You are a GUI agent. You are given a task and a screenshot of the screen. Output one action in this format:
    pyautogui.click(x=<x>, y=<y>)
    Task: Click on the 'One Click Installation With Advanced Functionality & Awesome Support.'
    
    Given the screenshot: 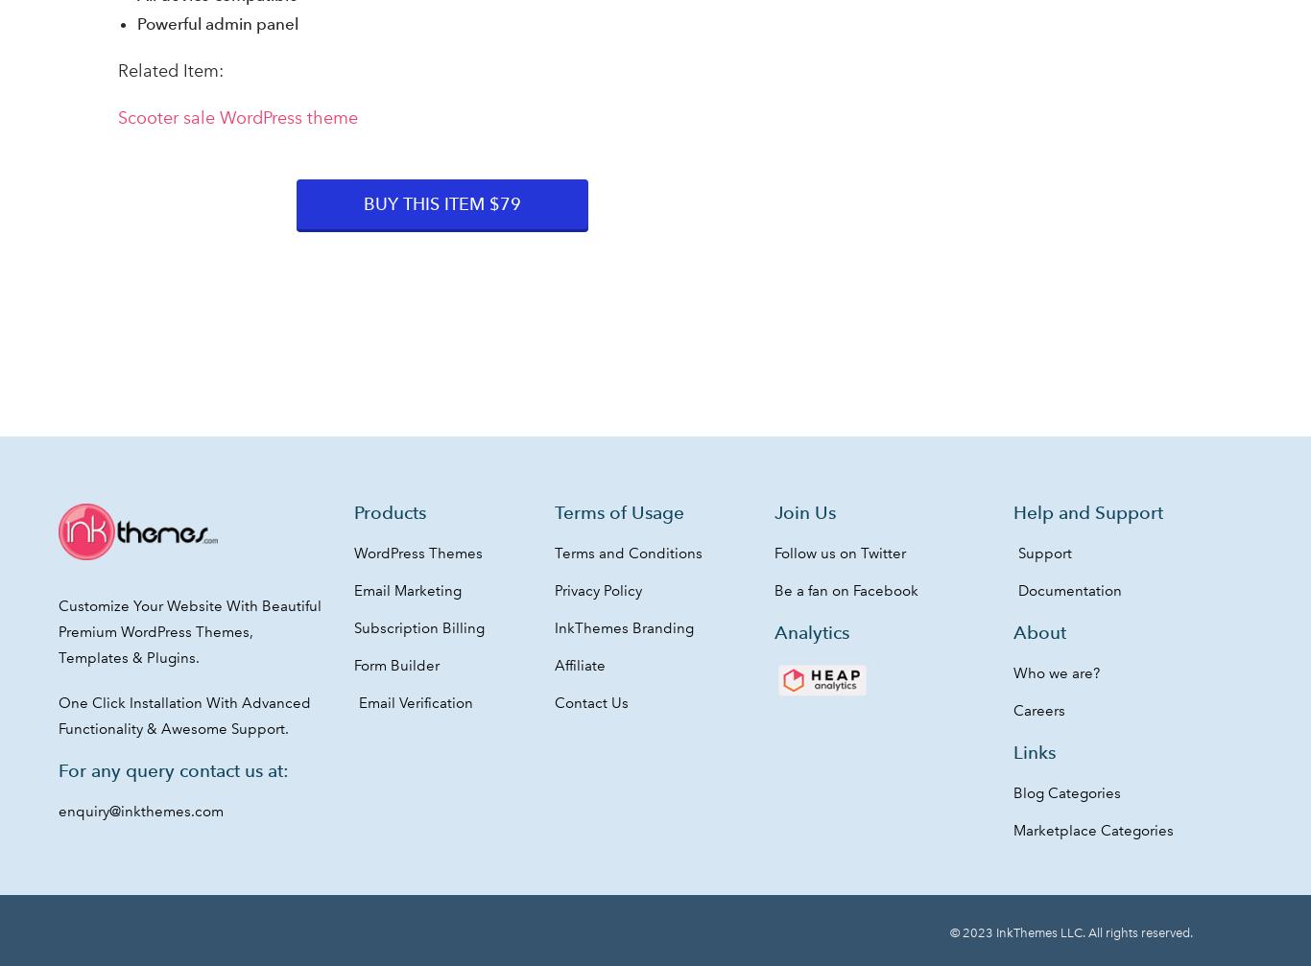 What is the action you would take?
    pyautogui.click(x=182, y=715)
    